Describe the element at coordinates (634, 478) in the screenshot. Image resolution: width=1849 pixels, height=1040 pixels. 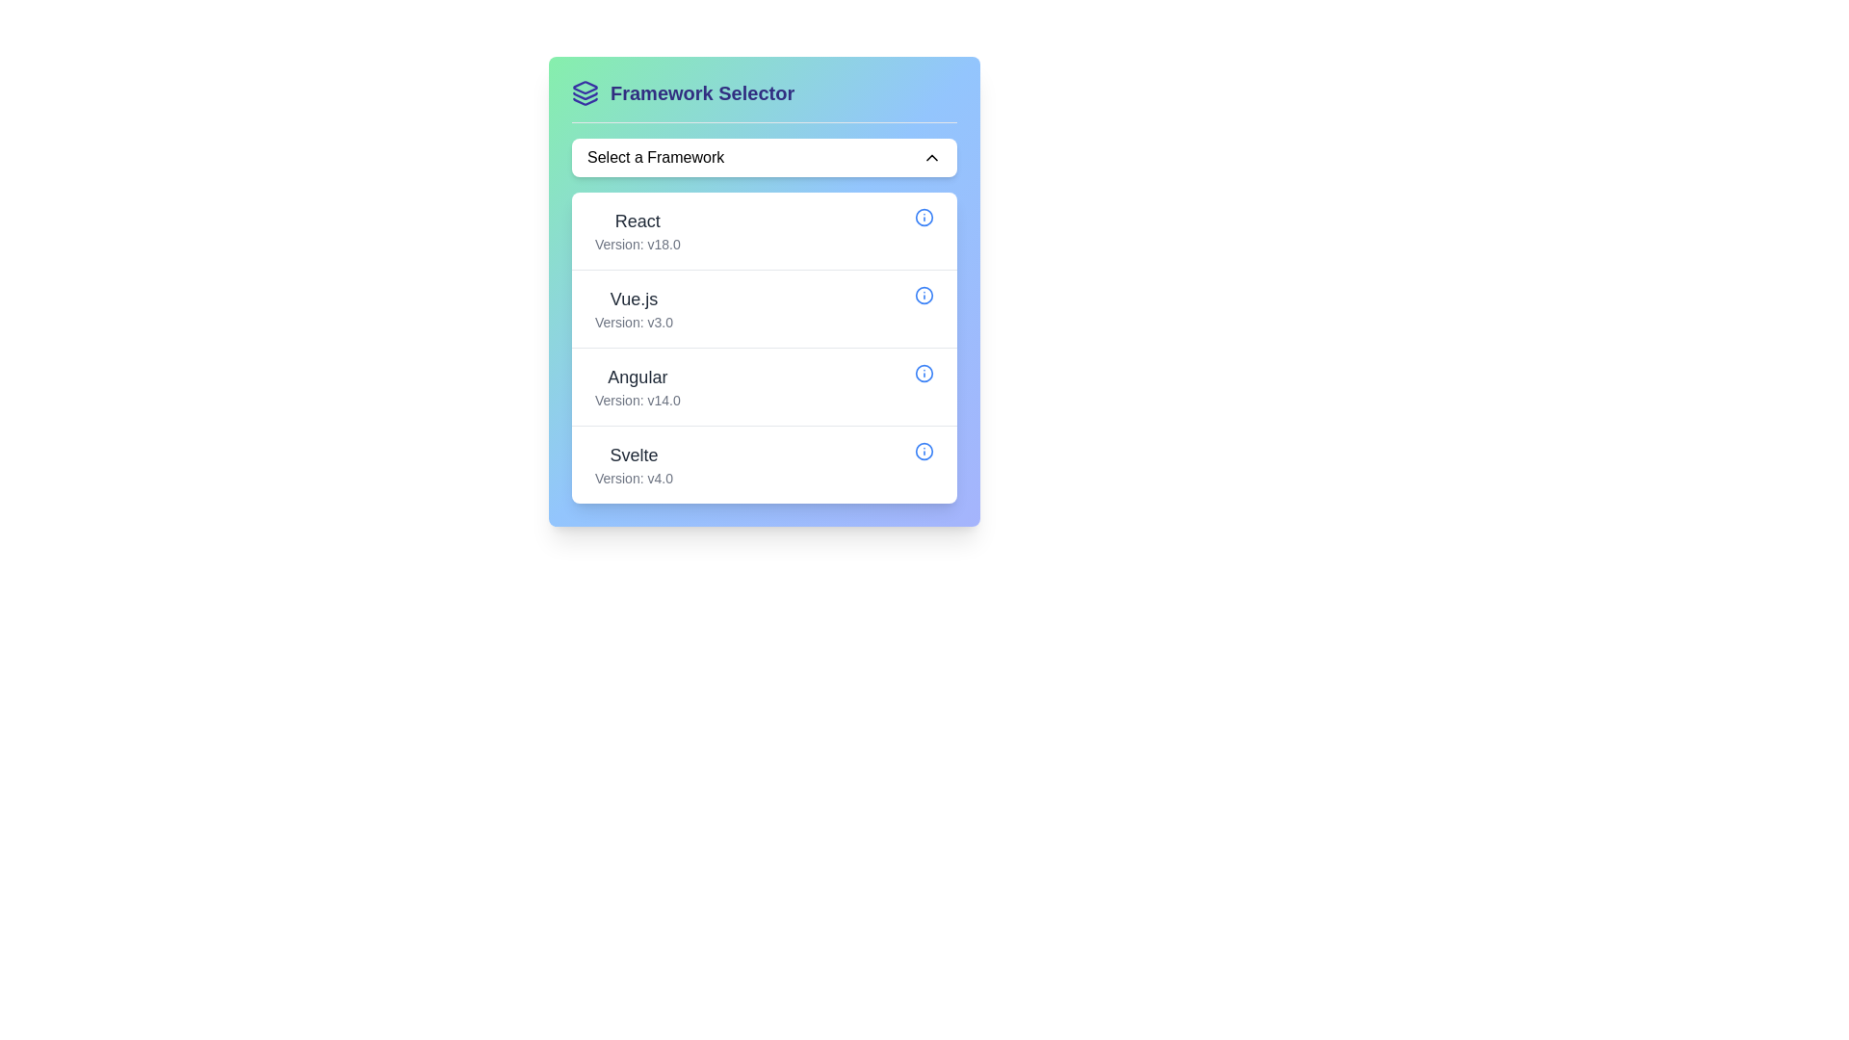
I see `the text label reading 'Version: v4.0', which is styled in a small-sized font and gray color, located below the 'Svelte' title in the fourth card of a vertically stacked list` at that location.